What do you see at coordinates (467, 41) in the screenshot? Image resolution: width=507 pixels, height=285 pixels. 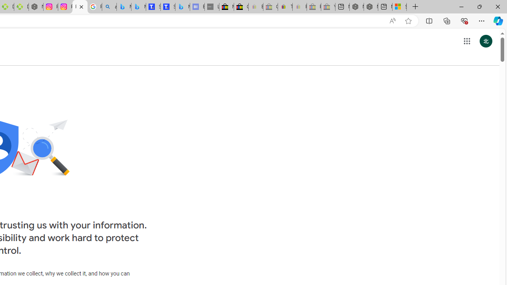 I see `'Class: gb_E'` at bounding box center [467, 41].